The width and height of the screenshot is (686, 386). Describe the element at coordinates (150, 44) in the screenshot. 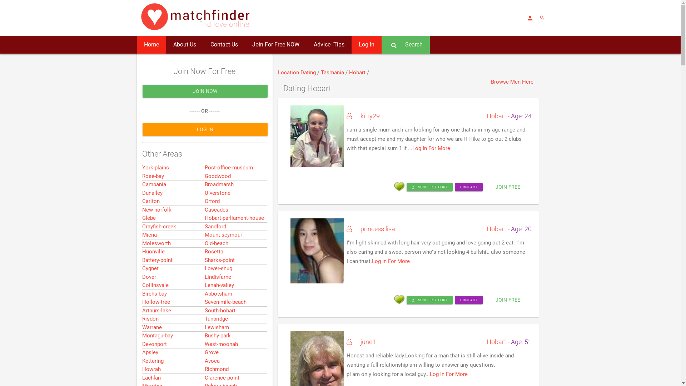

I see `'Home'` at that location.